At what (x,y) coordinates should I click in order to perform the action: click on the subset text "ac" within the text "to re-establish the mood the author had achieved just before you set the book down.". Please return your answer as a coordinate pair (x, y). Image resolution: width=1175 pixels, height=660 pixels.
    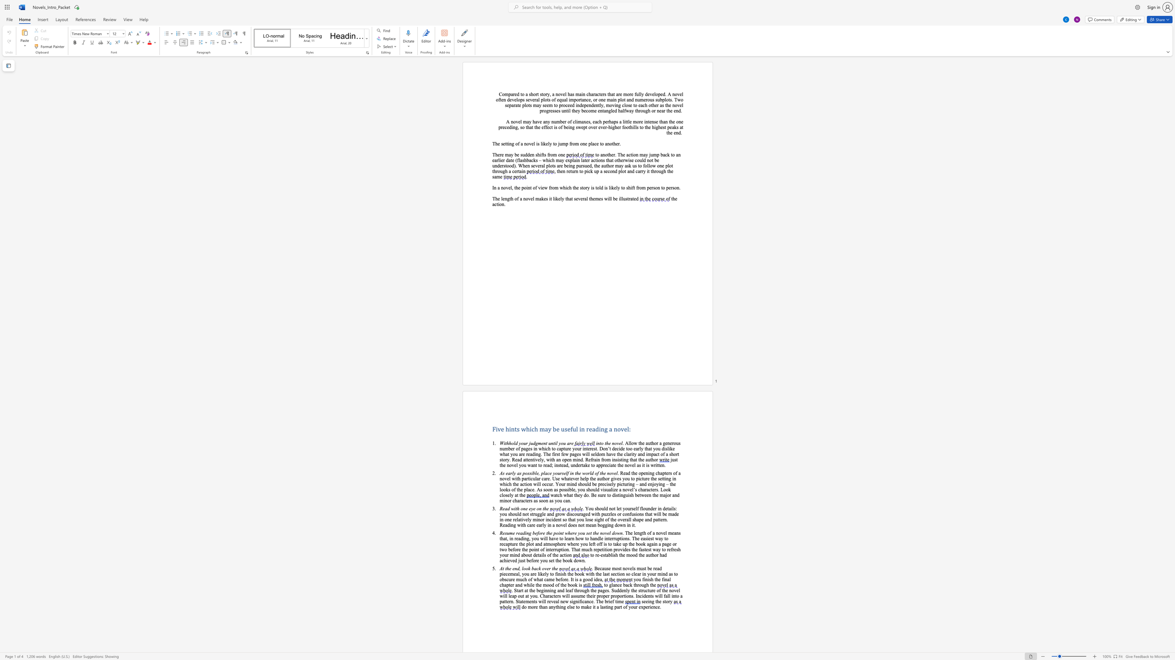
    Looking at the image, I should click on (499, 560).